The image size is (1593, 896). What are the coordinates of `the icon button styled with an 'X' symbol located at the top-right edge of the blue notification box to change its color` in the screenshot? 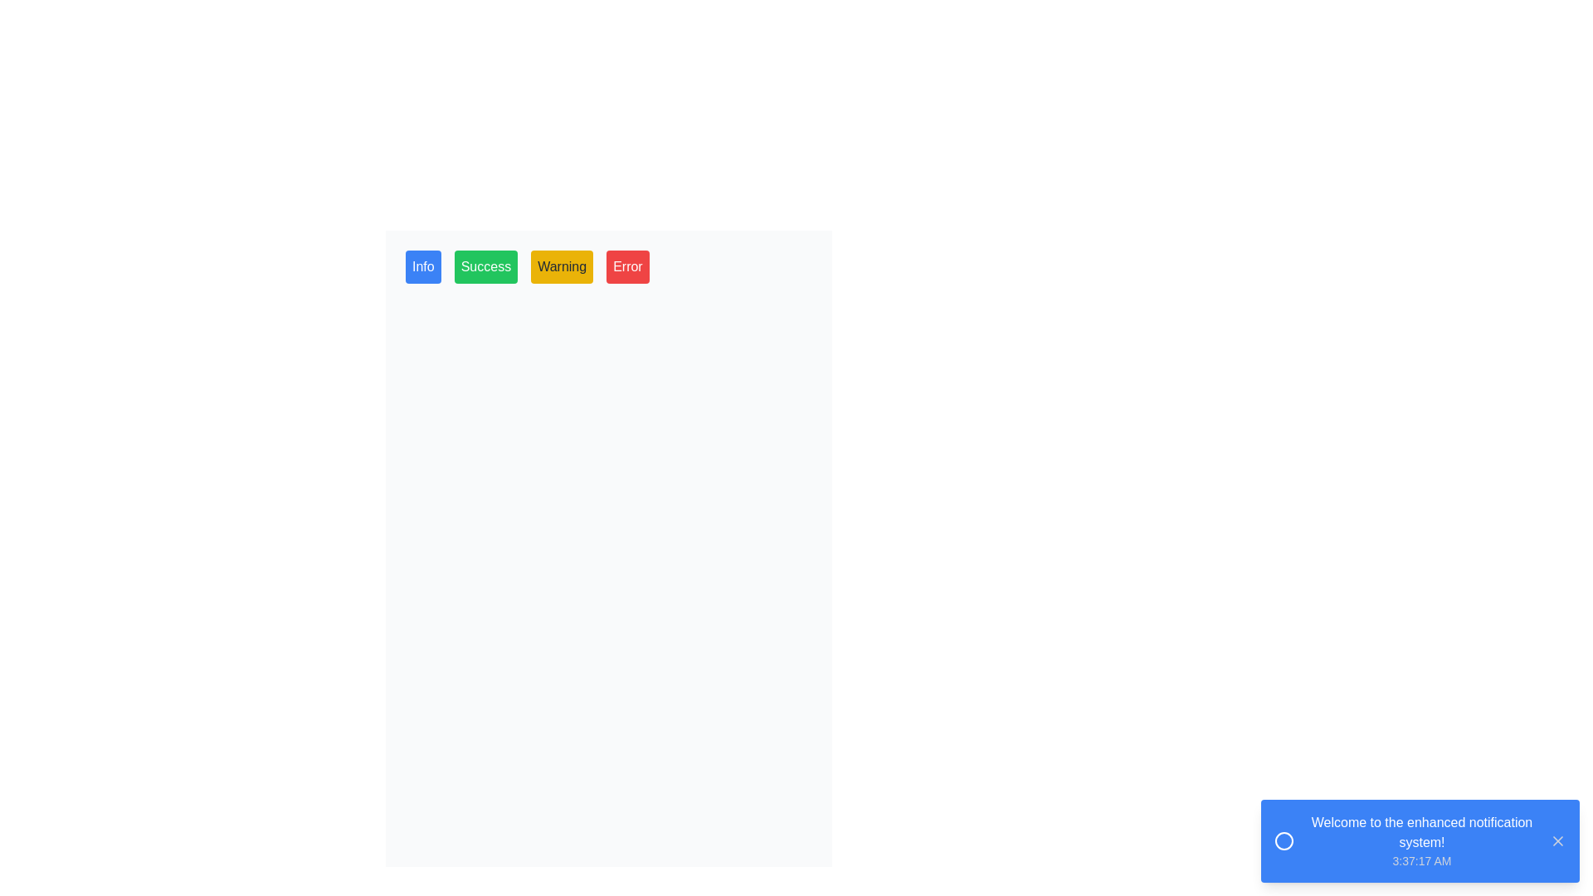 It's located at (1556, 841).